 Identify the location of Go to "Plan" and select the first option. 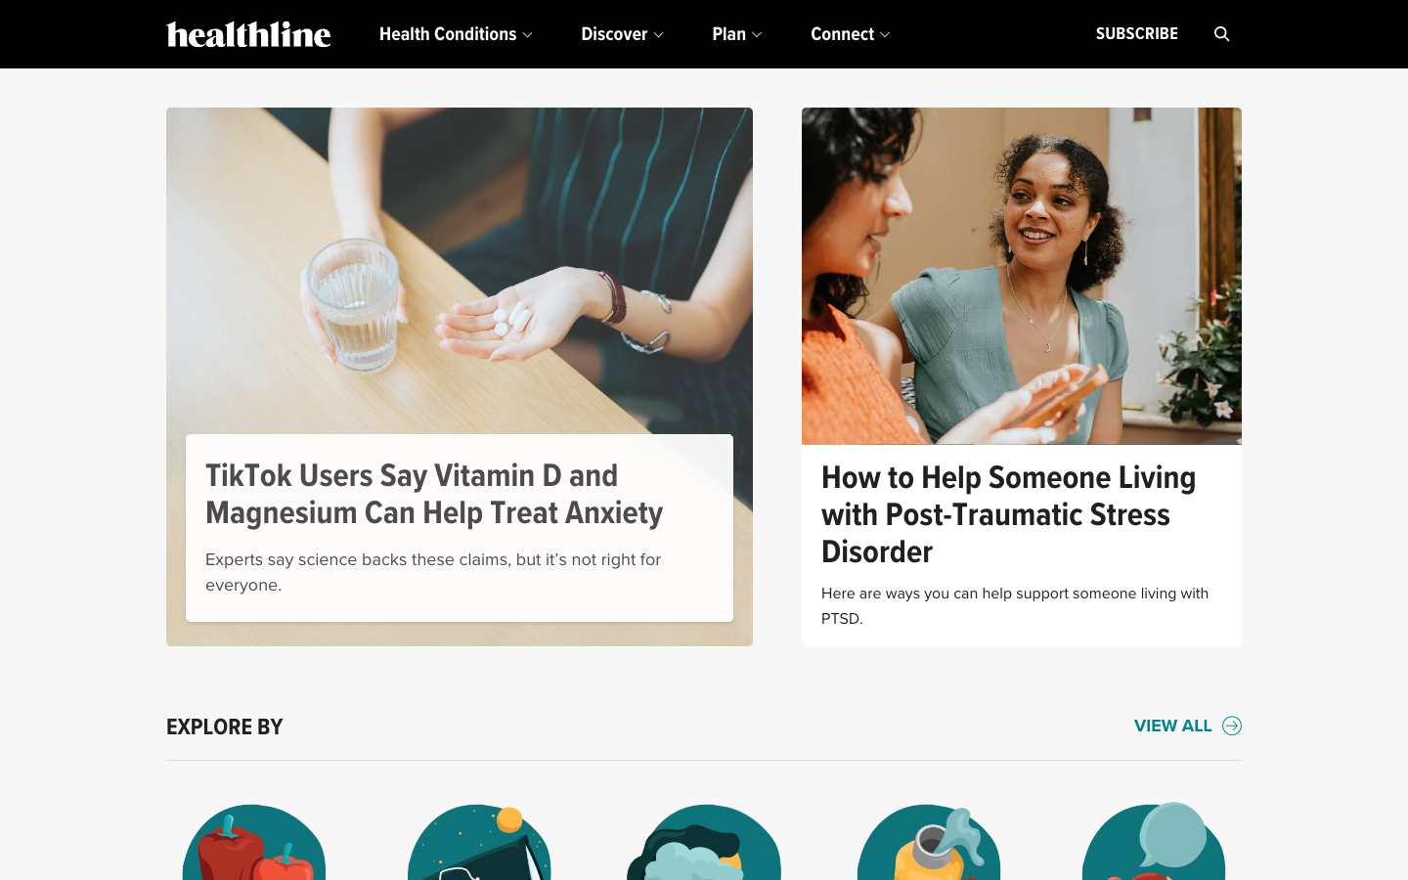
(735, 33).